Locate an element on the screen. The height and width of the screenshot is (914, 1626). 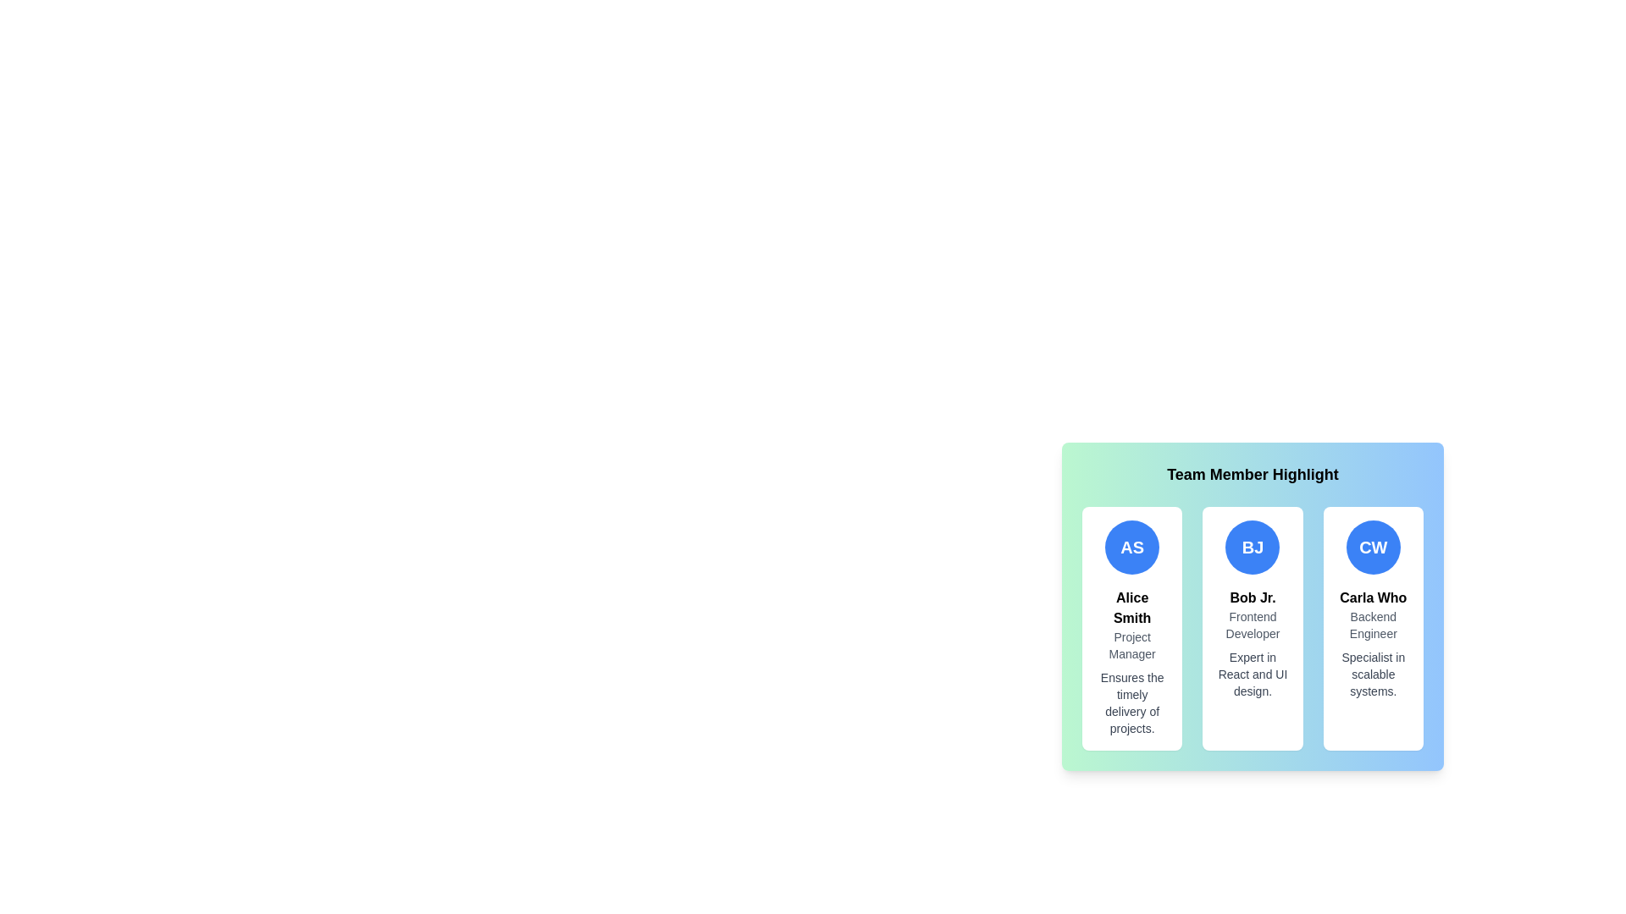
the text label element displaying the name 'Bob Jr.' which serves as an identifier for the corresponding team member, positioned below the icon labeled 'BJ.' is located at coordinates (1253, 597).